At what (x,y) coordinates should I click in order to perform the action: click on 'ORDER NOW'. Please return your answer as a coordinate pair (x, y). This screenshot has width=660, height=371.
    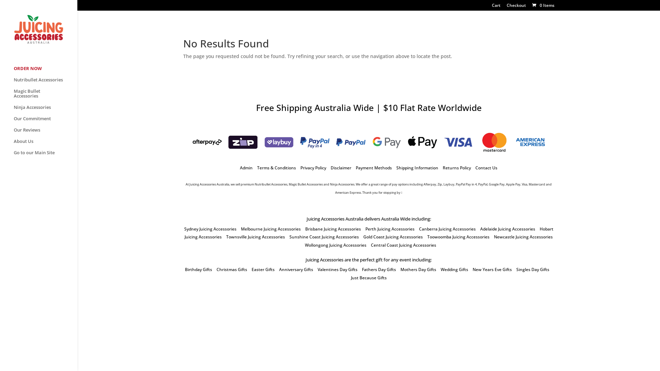
    Looking at the image, I should click on (45, 71).